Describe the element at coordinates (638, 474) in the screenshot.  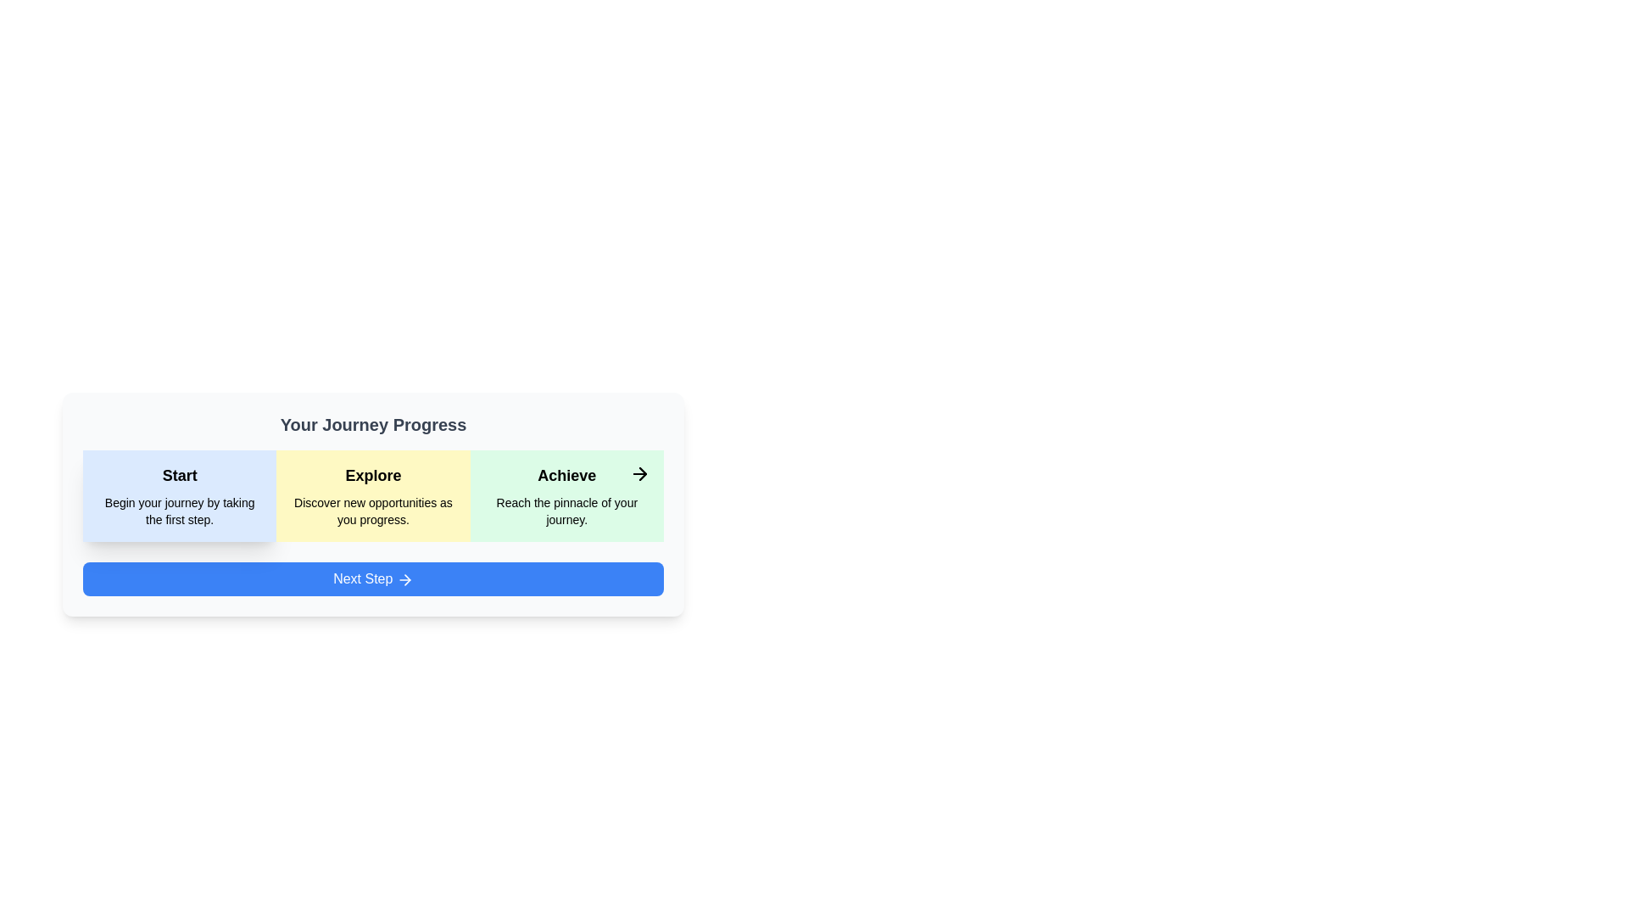
I see `the right-pointing arrow icon located at the top-right corner of the green 'Achieve' card` at that location.